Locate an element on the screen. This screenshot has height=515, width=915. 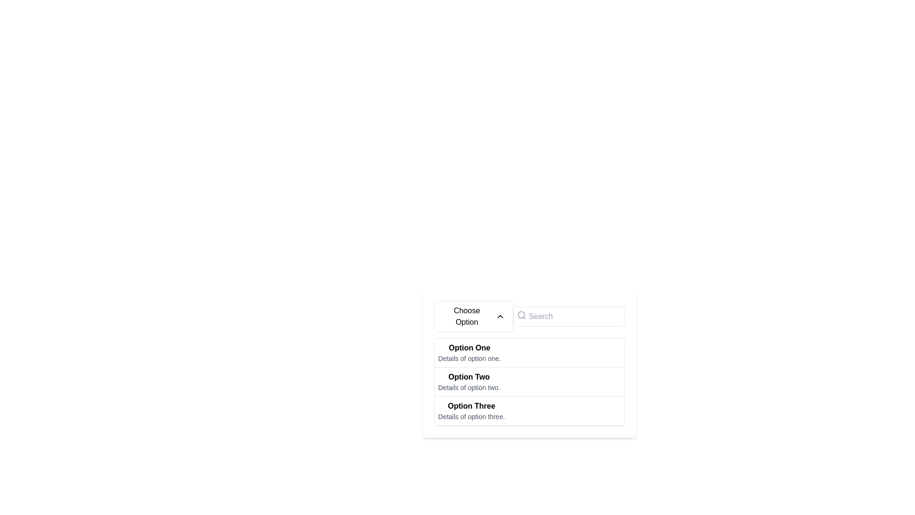
the text label that displays 'Details of option one.', which is styled in a small gray font and located directly under the bold title 'Option One' in the dropdown options list is located at coordinates (469, 359).